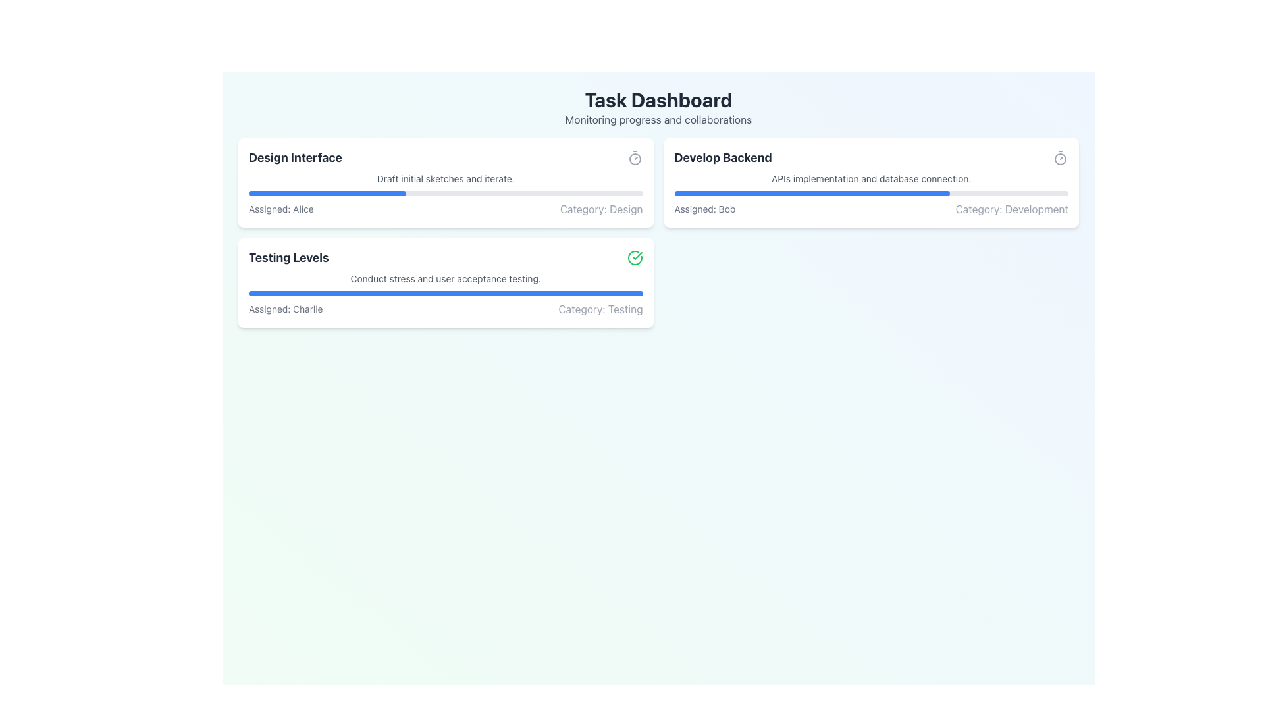 The image size is (1264, 711). Describe the element at coordinates (446, 282) in the screenshot. I see `the title or progress bar of the 'Testing' task overview card located at the bottom-left of the 'Task Dashboard'` at that location.